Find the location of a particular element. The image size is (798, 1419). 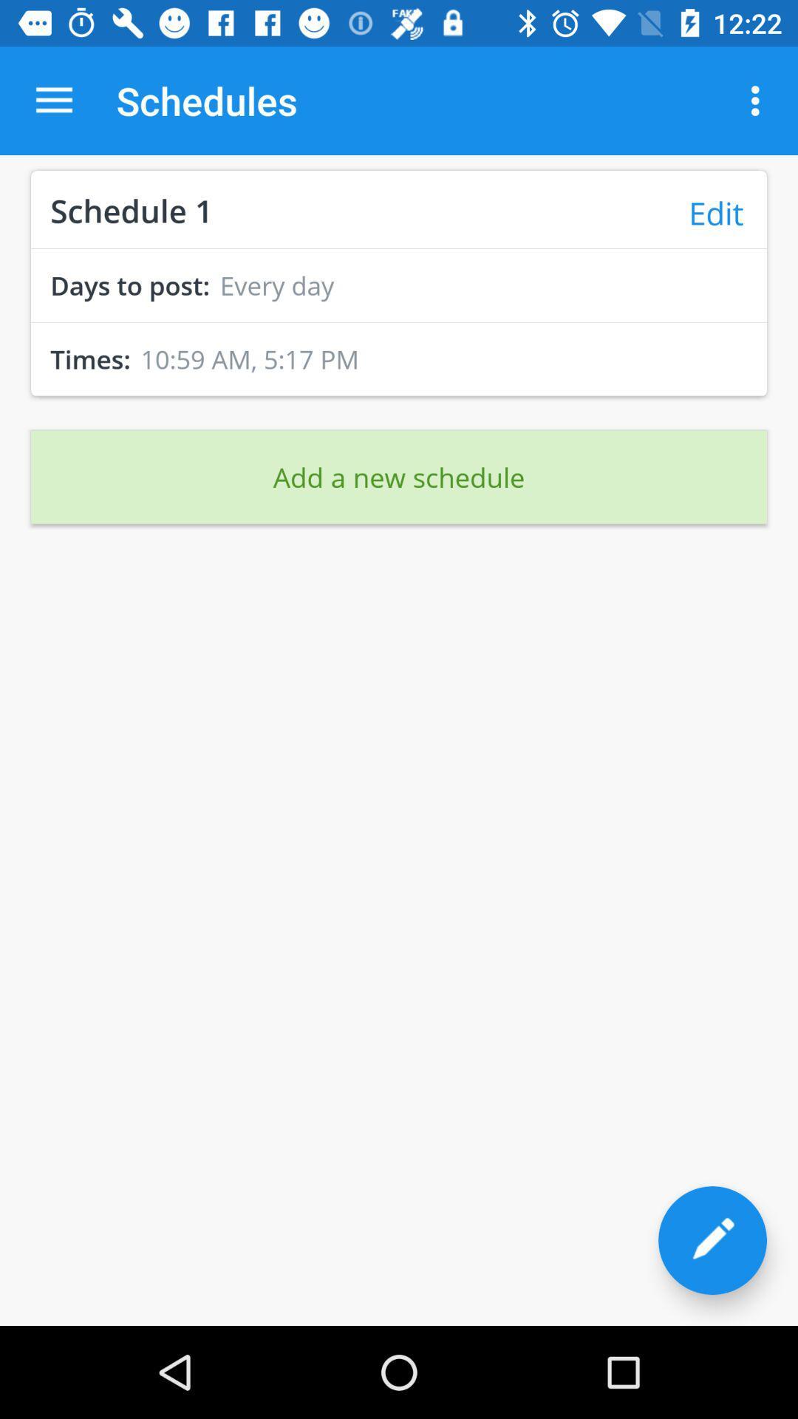

icon above the times: icon is located at coordinates (399, 321).